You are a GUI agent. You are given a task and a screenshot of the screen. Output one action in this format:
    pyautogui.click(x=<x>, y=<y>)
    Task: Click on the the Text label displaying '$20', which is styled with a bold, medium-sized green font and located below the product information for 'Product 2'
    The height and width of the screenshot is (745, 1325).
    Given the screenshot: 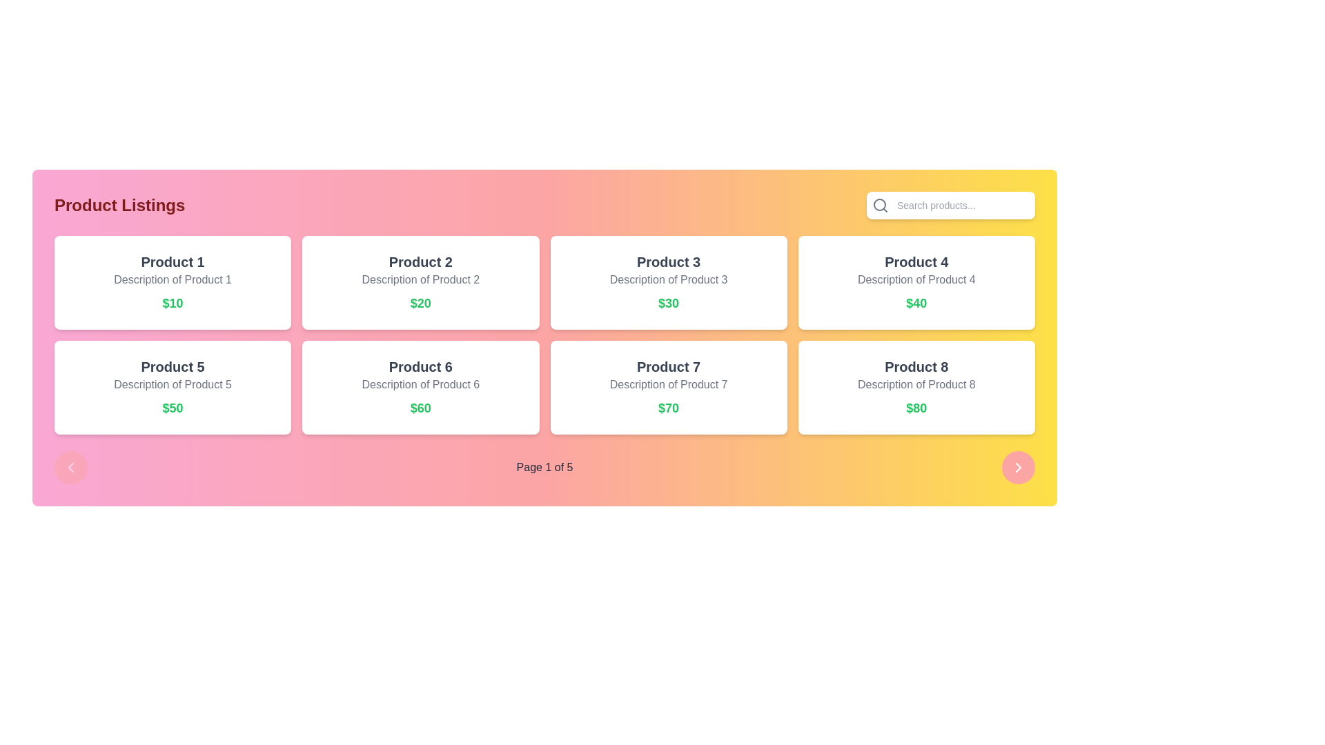 What is the action you would take?
    pyautogui.click(x=420, y=302)
    